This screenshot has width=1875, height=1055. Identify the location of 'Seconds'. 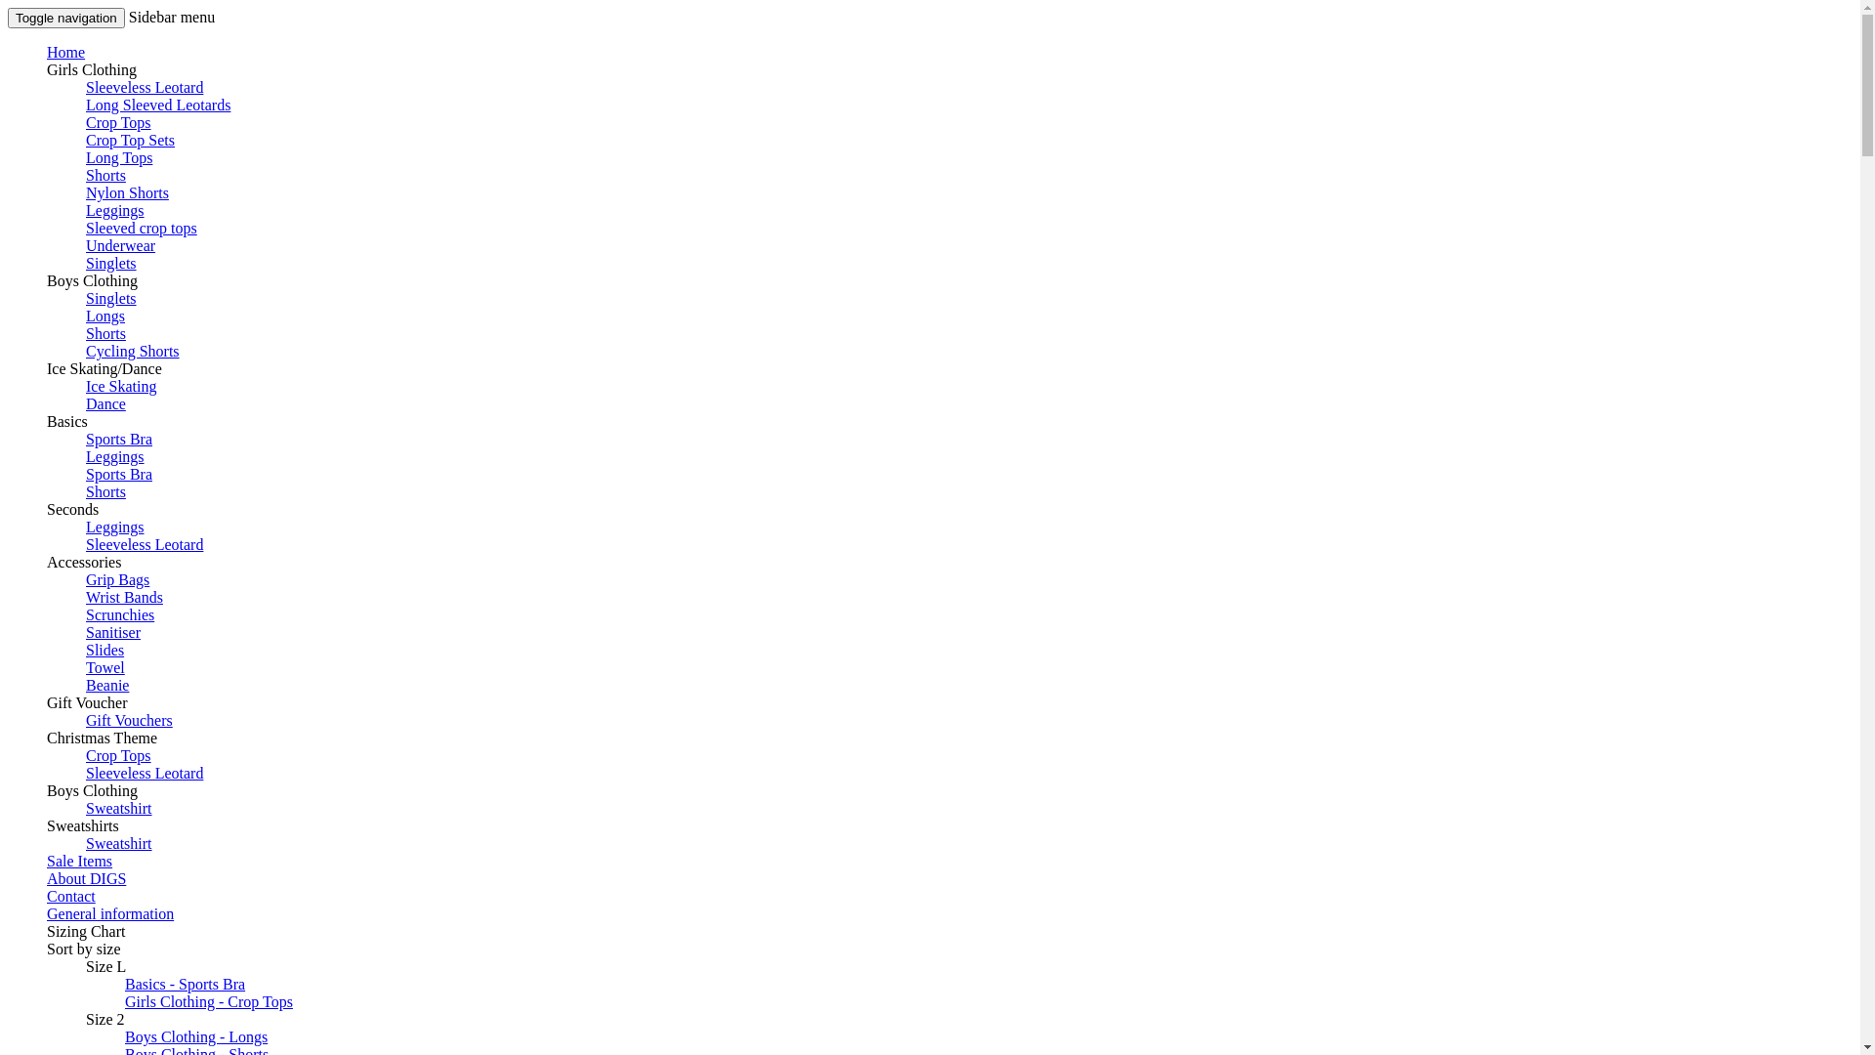
(72, 508).